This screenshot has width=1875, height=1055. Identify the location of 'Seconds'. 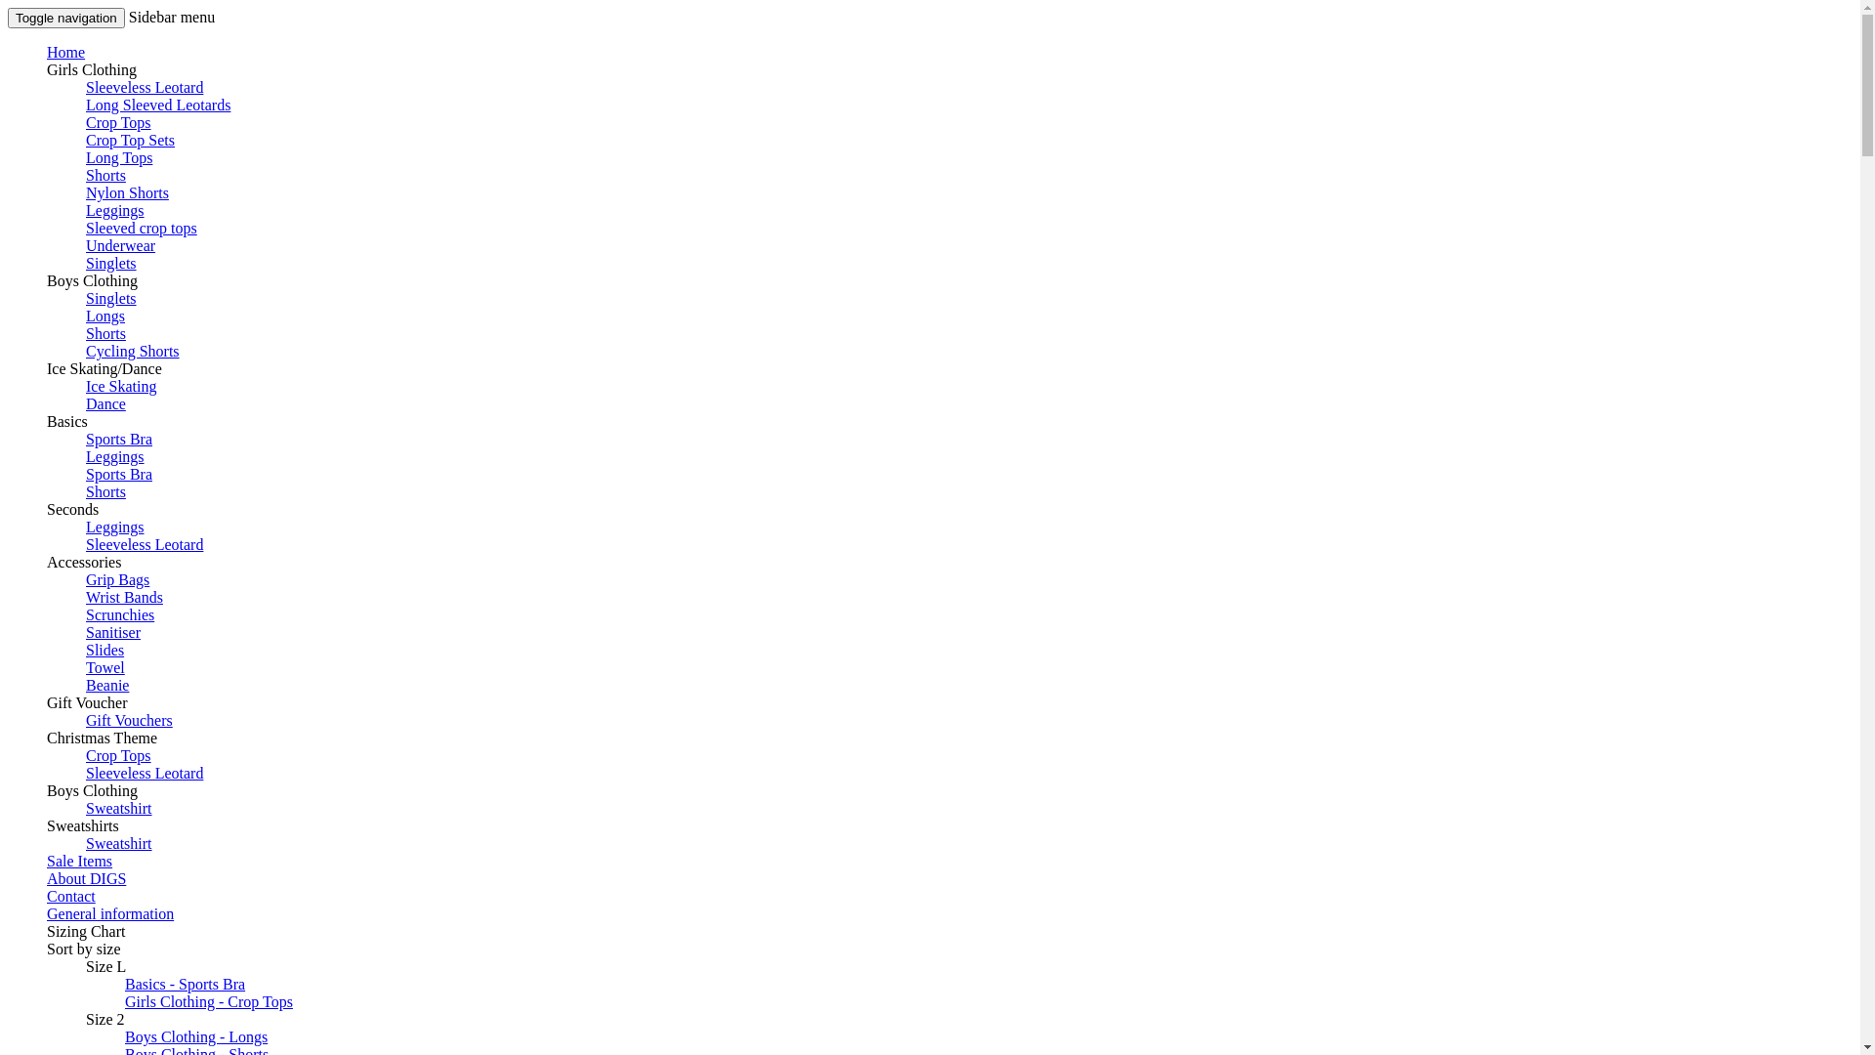
(72, 508).